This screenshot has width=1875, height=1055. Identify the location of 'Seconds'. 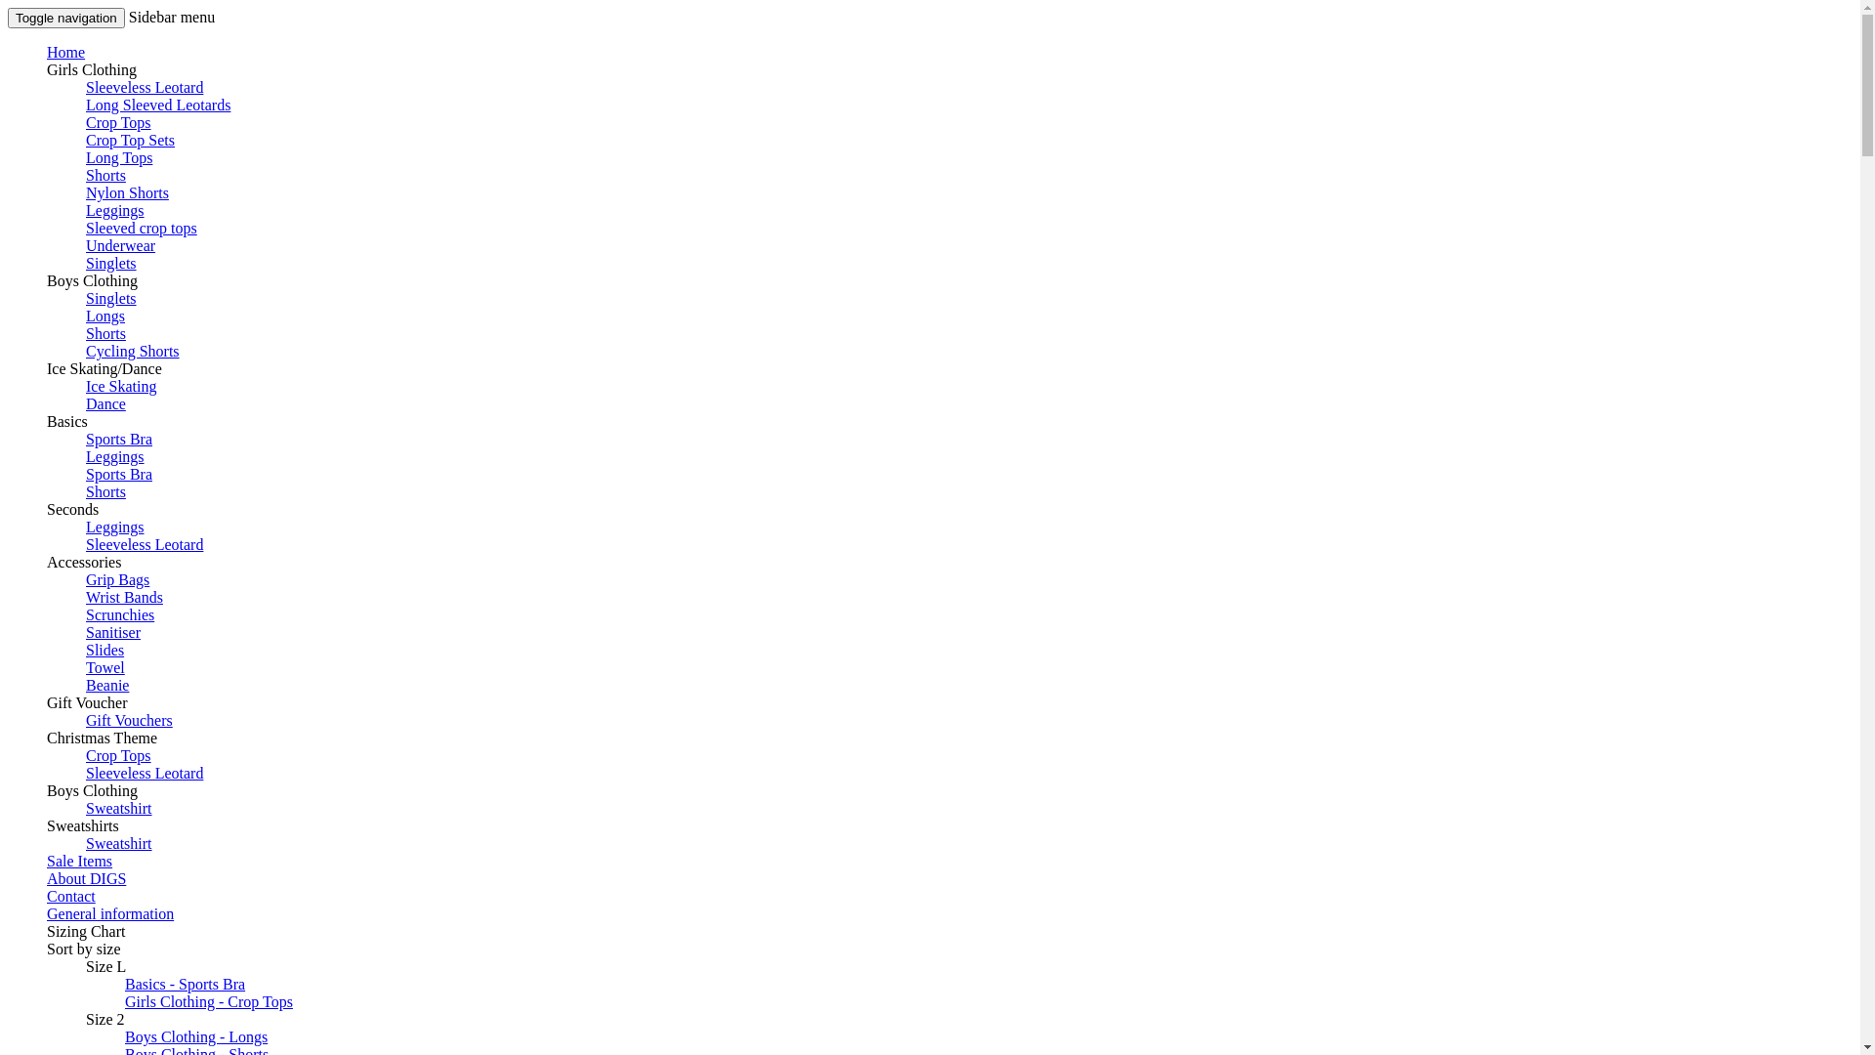
(72, 508).